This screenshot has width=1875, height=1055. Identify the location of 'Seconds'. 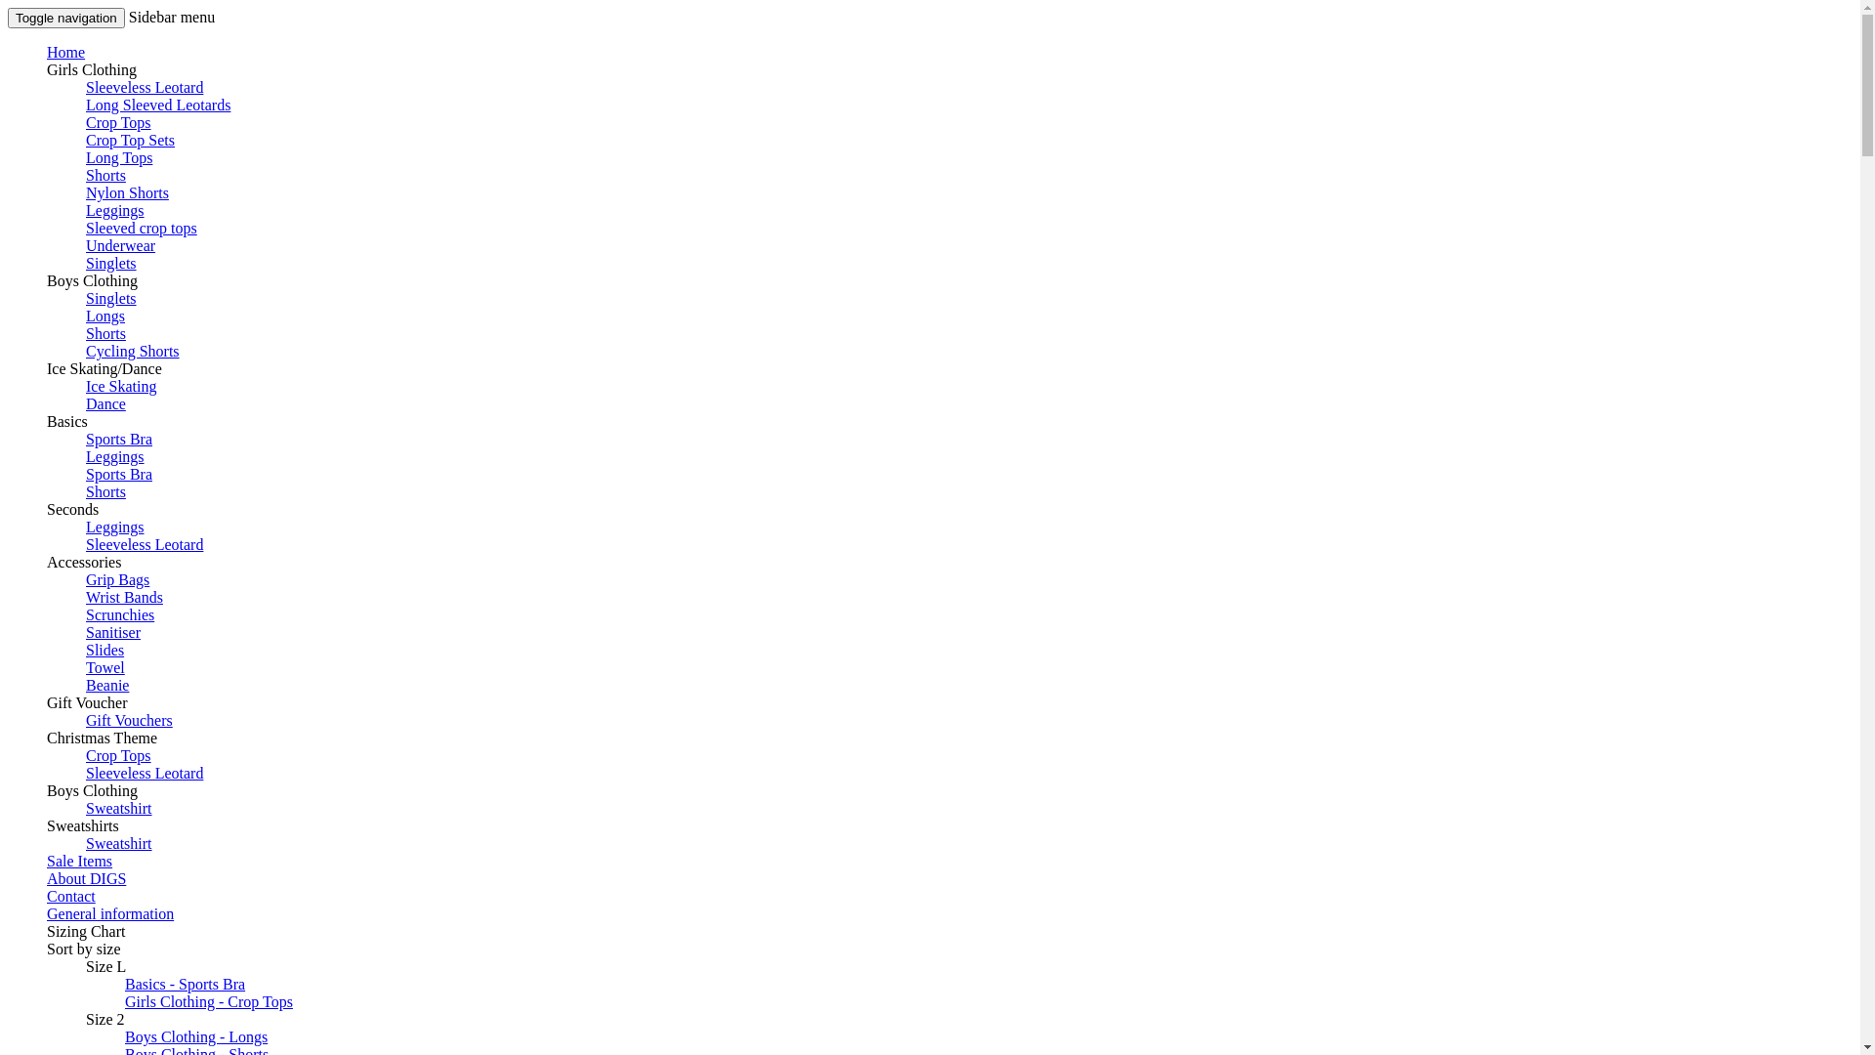
(72, 508).